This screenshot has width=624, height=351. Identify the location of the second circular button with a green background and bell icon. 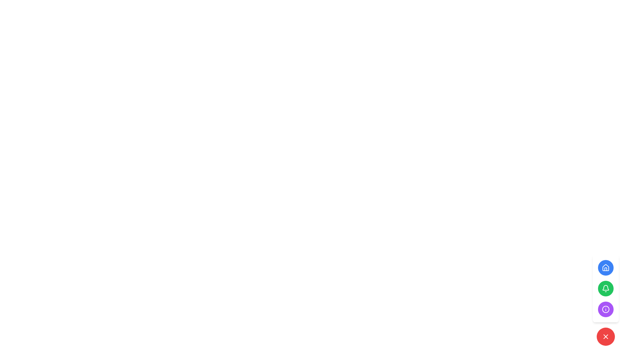
(605, 288).